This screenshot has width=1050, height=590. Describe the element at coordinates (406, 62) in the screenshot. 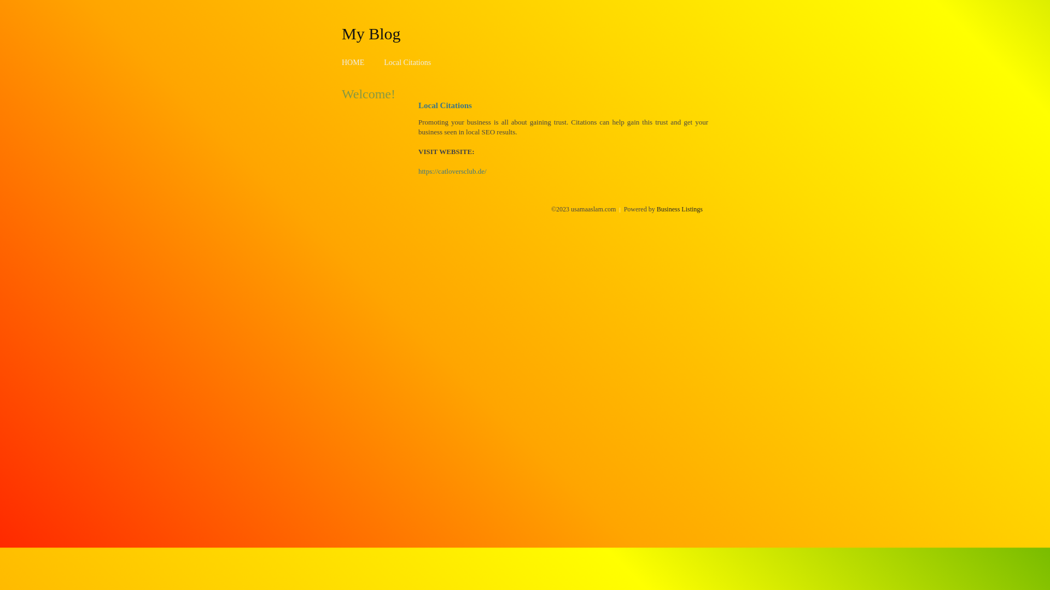

I see `'Local Citations'` at that location.